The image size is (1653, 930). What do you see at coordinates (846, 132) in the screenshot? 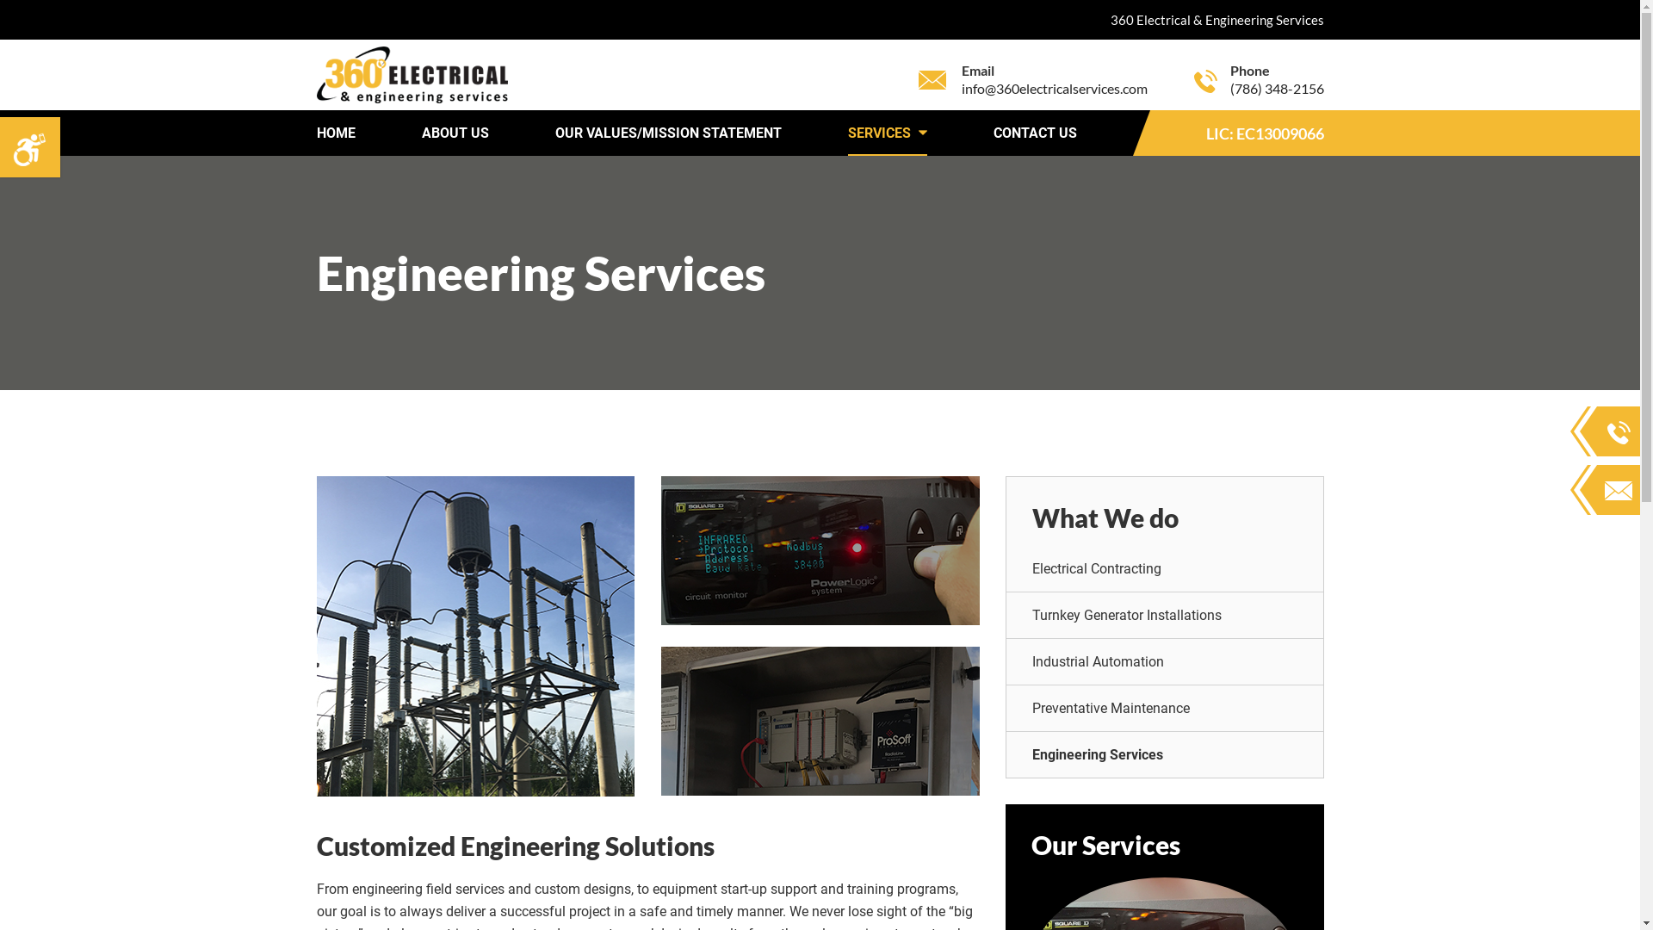
I see `'SERVICES'` at bounding box center [846, 132].